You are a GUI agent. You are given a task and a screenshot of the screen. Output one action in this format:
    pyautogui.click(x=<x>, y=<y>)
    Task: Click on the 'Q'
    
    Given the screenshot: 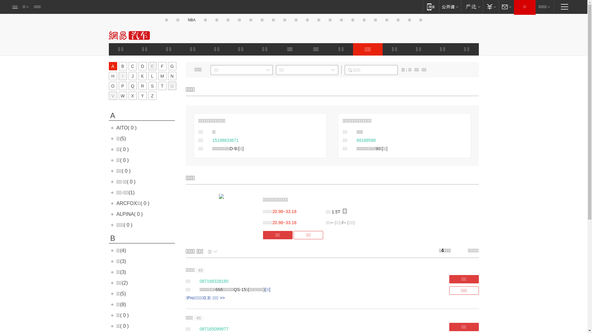 What is the action you would take?
    pyautogui.click(x=132, y=86)
    